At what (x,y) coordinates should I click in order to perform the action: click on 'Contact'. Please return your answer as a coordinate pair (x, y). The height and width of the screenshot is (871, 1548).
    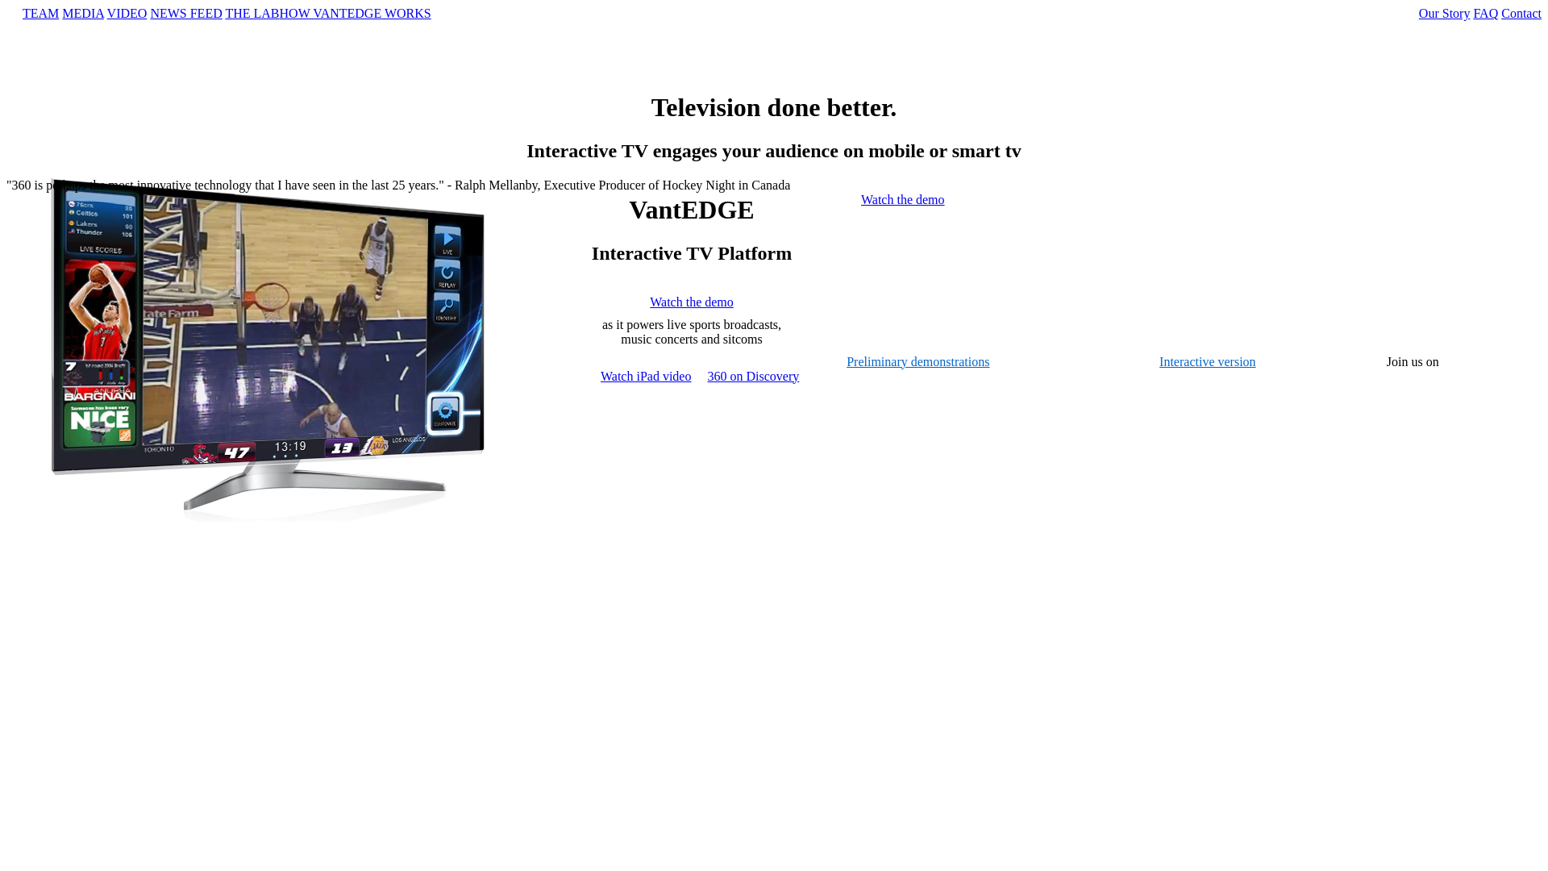
    Looking at the image, I should click on (1520, 13).